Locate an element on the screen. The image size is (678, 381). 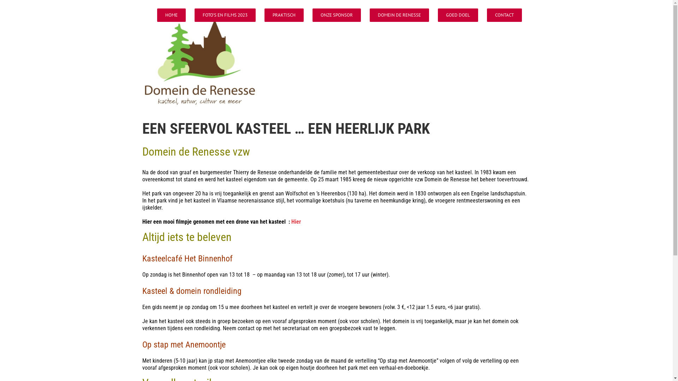
'HOME' is located at coordinates (156, 15).